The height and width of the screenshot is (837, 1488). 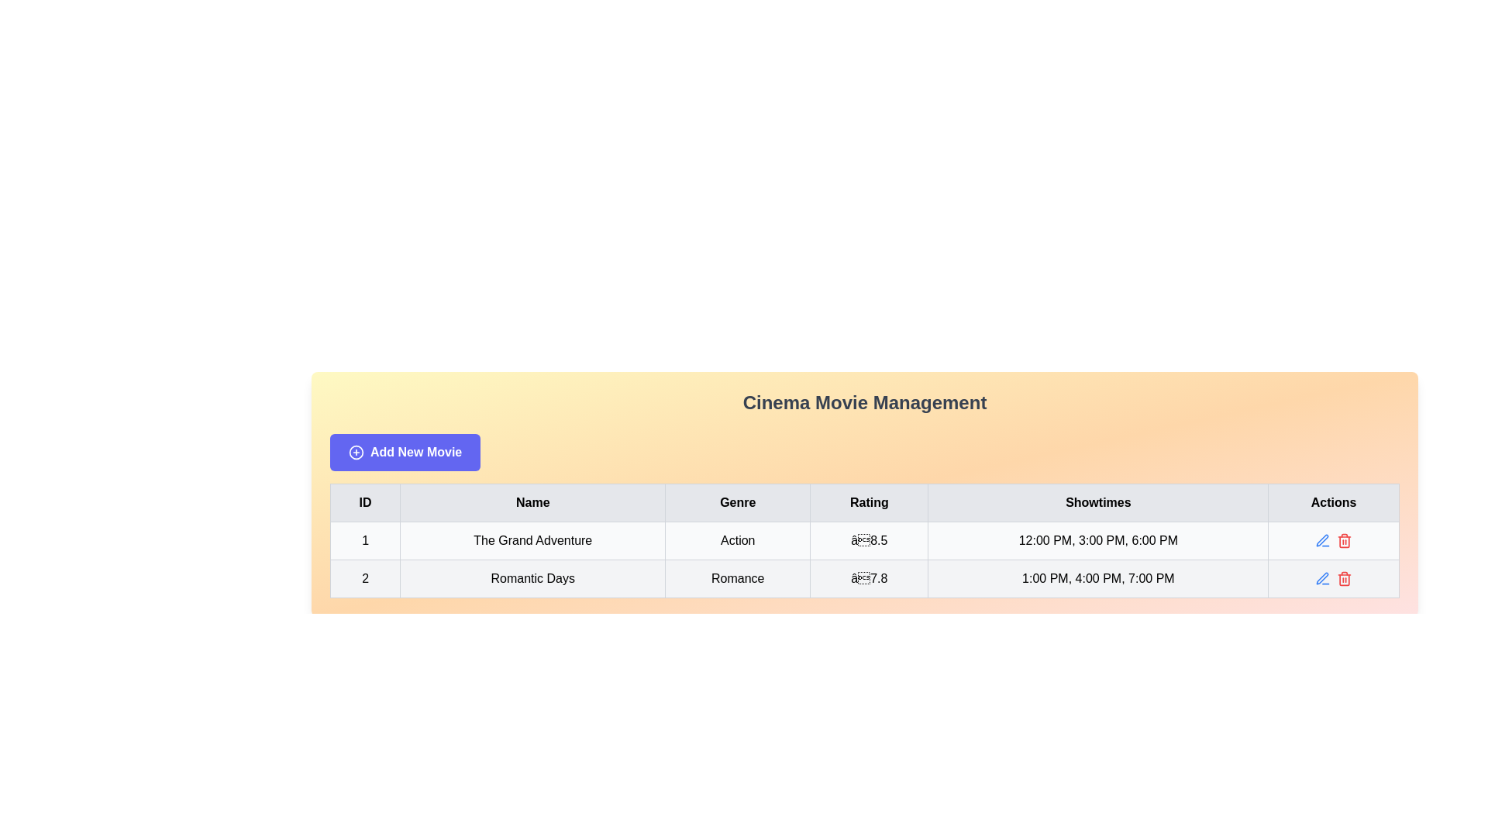 I want to click on the table header cell labeled 'Genre', so click(x=737, y=502).